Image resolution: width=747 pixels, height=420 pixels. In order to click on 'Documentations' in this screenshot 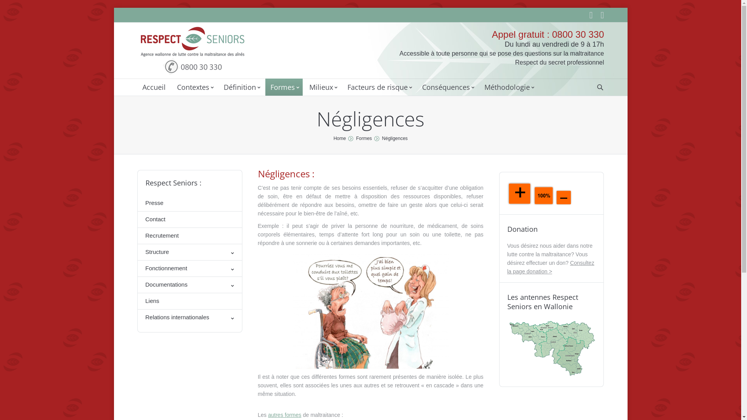, I will do `click(190, 285)`.